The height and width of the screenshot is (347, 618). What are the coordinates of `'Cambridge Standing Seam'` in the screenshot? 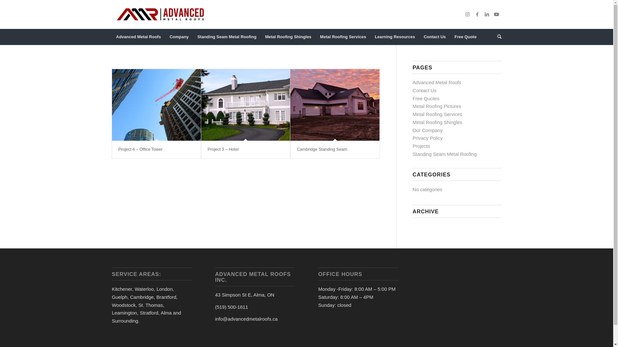 It's located at (322, 149).